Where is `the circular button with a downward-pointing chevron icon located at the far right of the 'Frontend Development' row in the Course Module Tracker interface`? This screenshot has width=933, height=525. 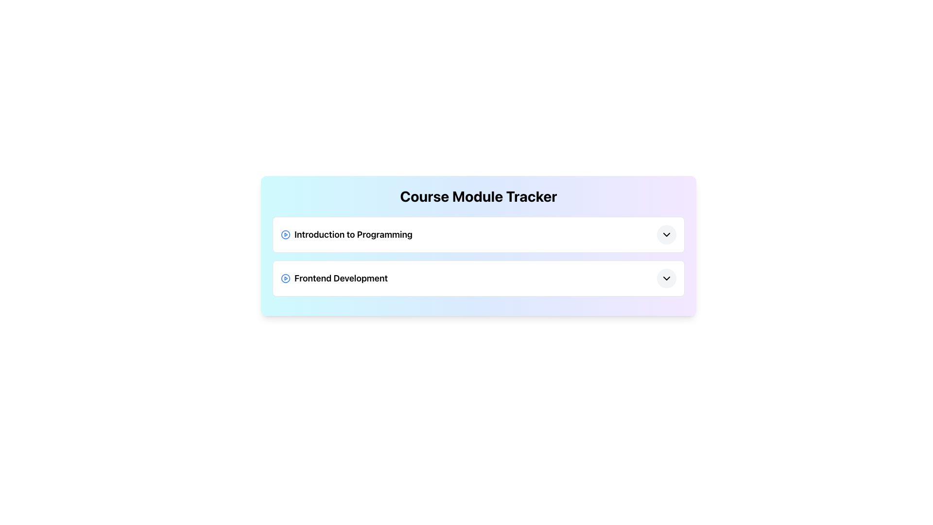 the circular button with a downward-pointing chevron icon located at the far right of the 'Frontend Development' row in the Course Module Tracker interface is located at coordinates (666, 279).